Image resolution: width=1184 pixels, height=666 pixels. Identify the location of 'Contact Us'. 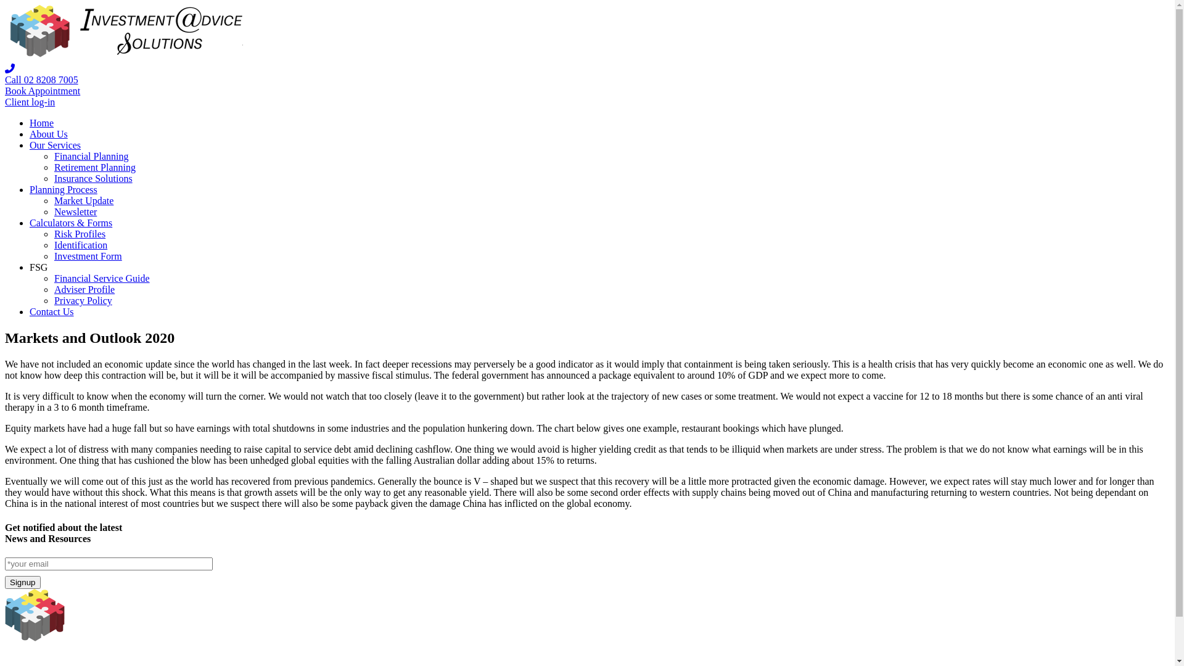
(51, 311).